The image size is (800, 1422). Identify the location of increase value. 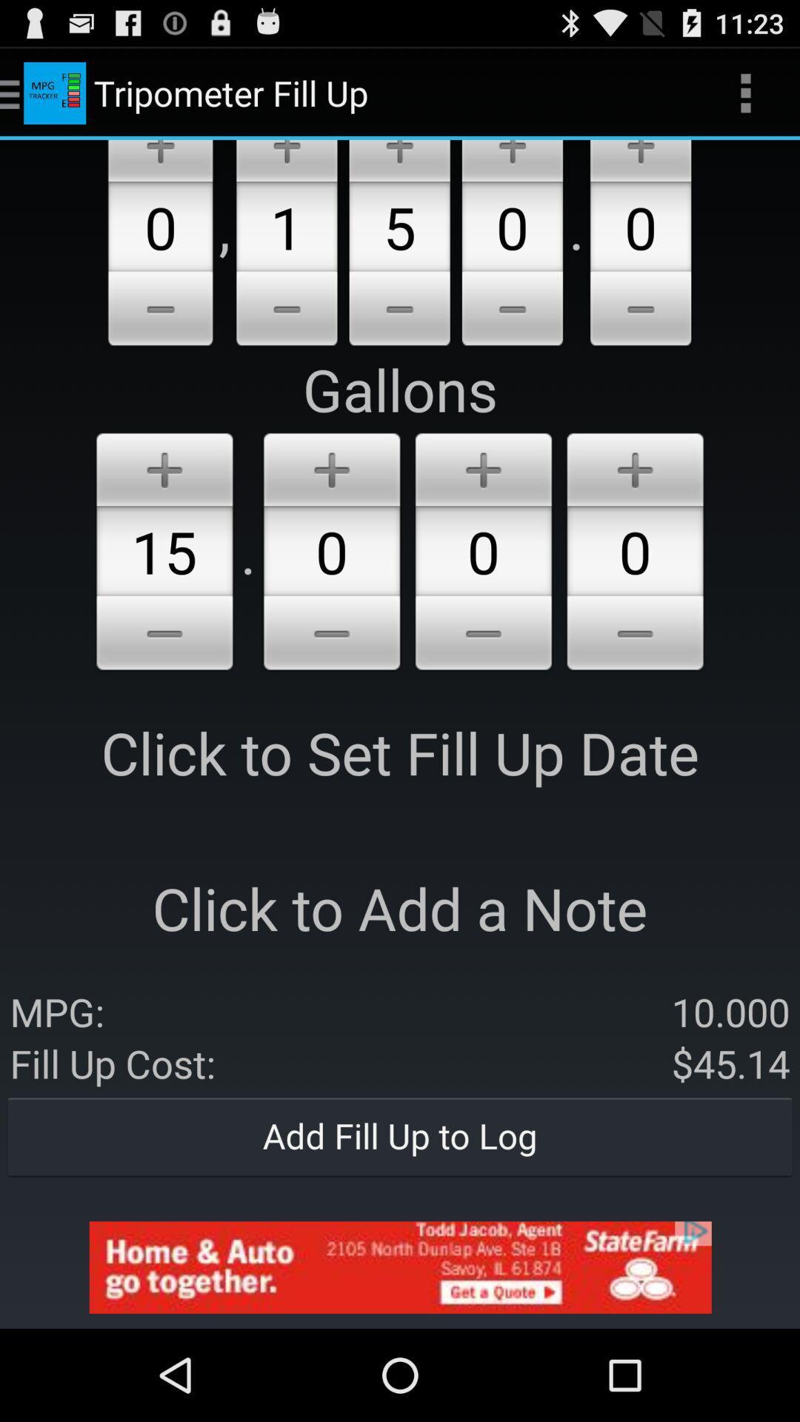
(511, 161).